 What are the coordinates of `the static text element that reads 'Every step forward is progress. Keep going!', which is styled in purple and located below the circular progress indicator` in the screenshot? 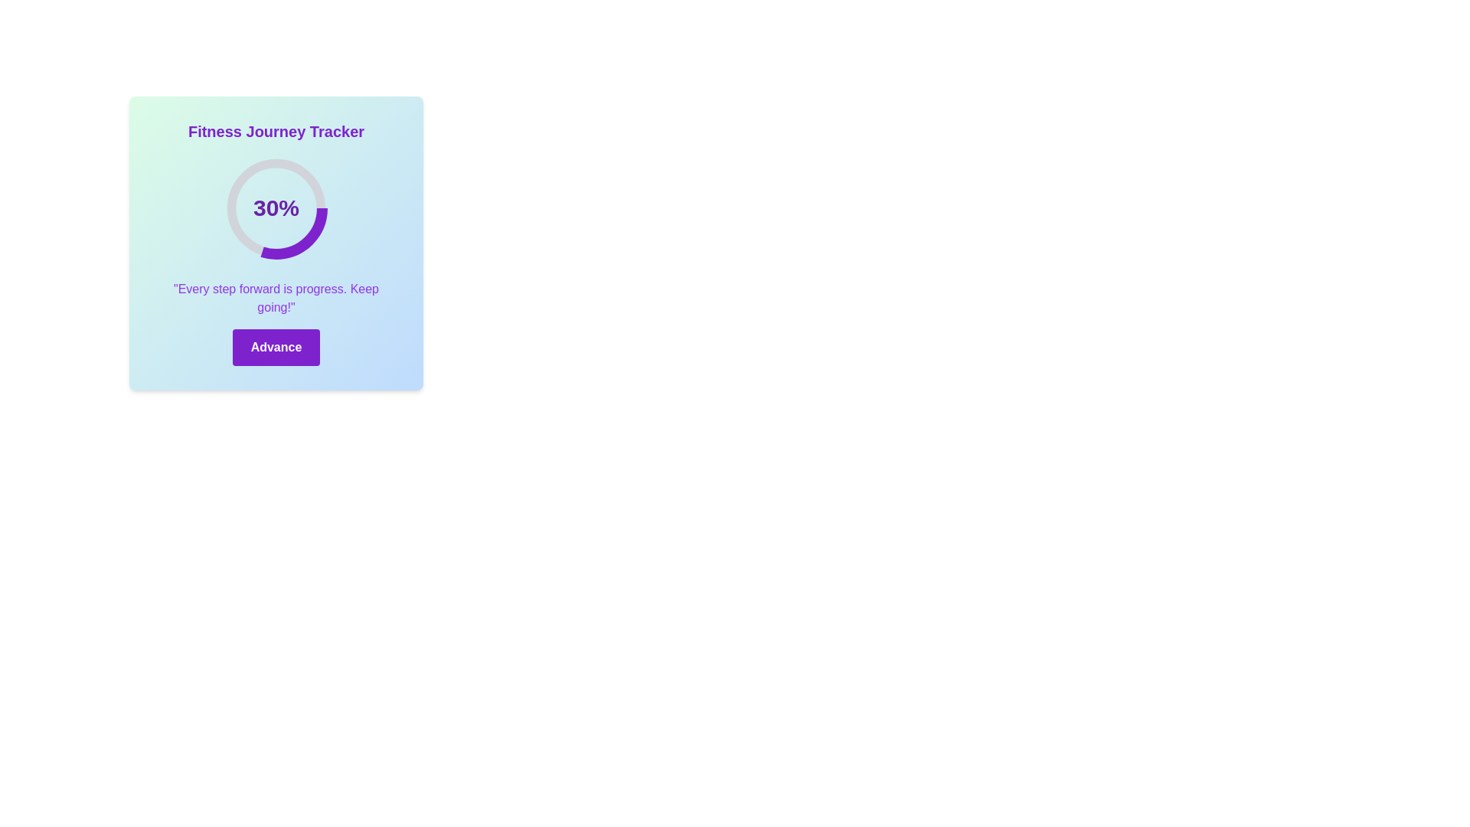 It's located at (276, 298).